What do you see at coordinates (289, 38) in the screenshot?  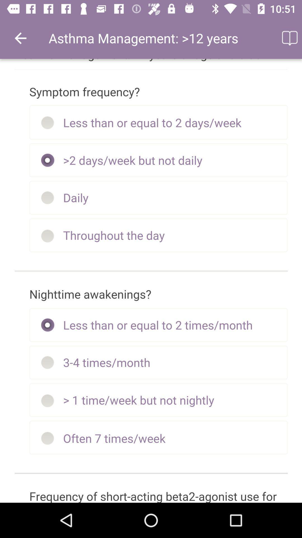 I see `book` at bounding box center [289, 38].